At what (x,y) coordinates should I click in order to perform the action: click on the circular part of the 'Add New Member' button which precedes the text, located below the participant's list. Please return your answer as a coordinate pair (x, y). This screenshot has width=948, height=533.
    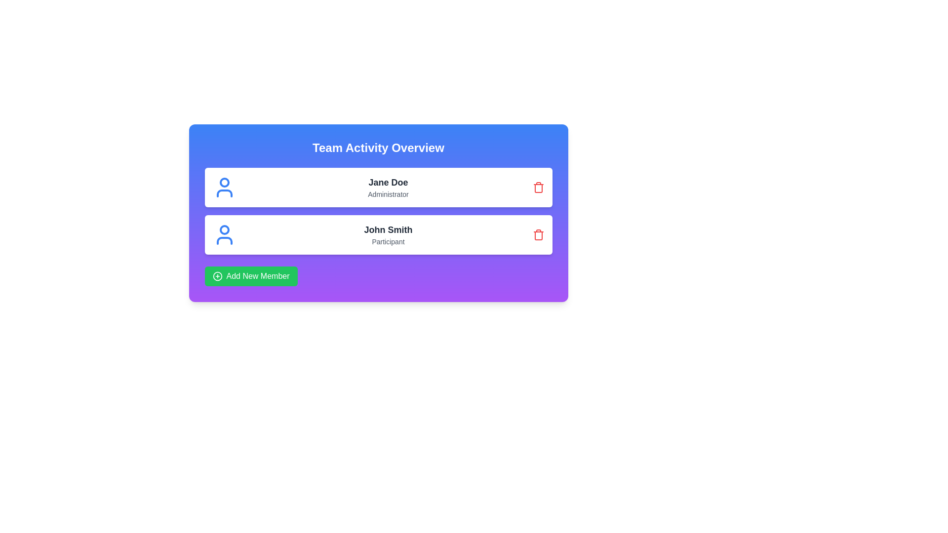
    Looking at the image, I should click on (217, 276).